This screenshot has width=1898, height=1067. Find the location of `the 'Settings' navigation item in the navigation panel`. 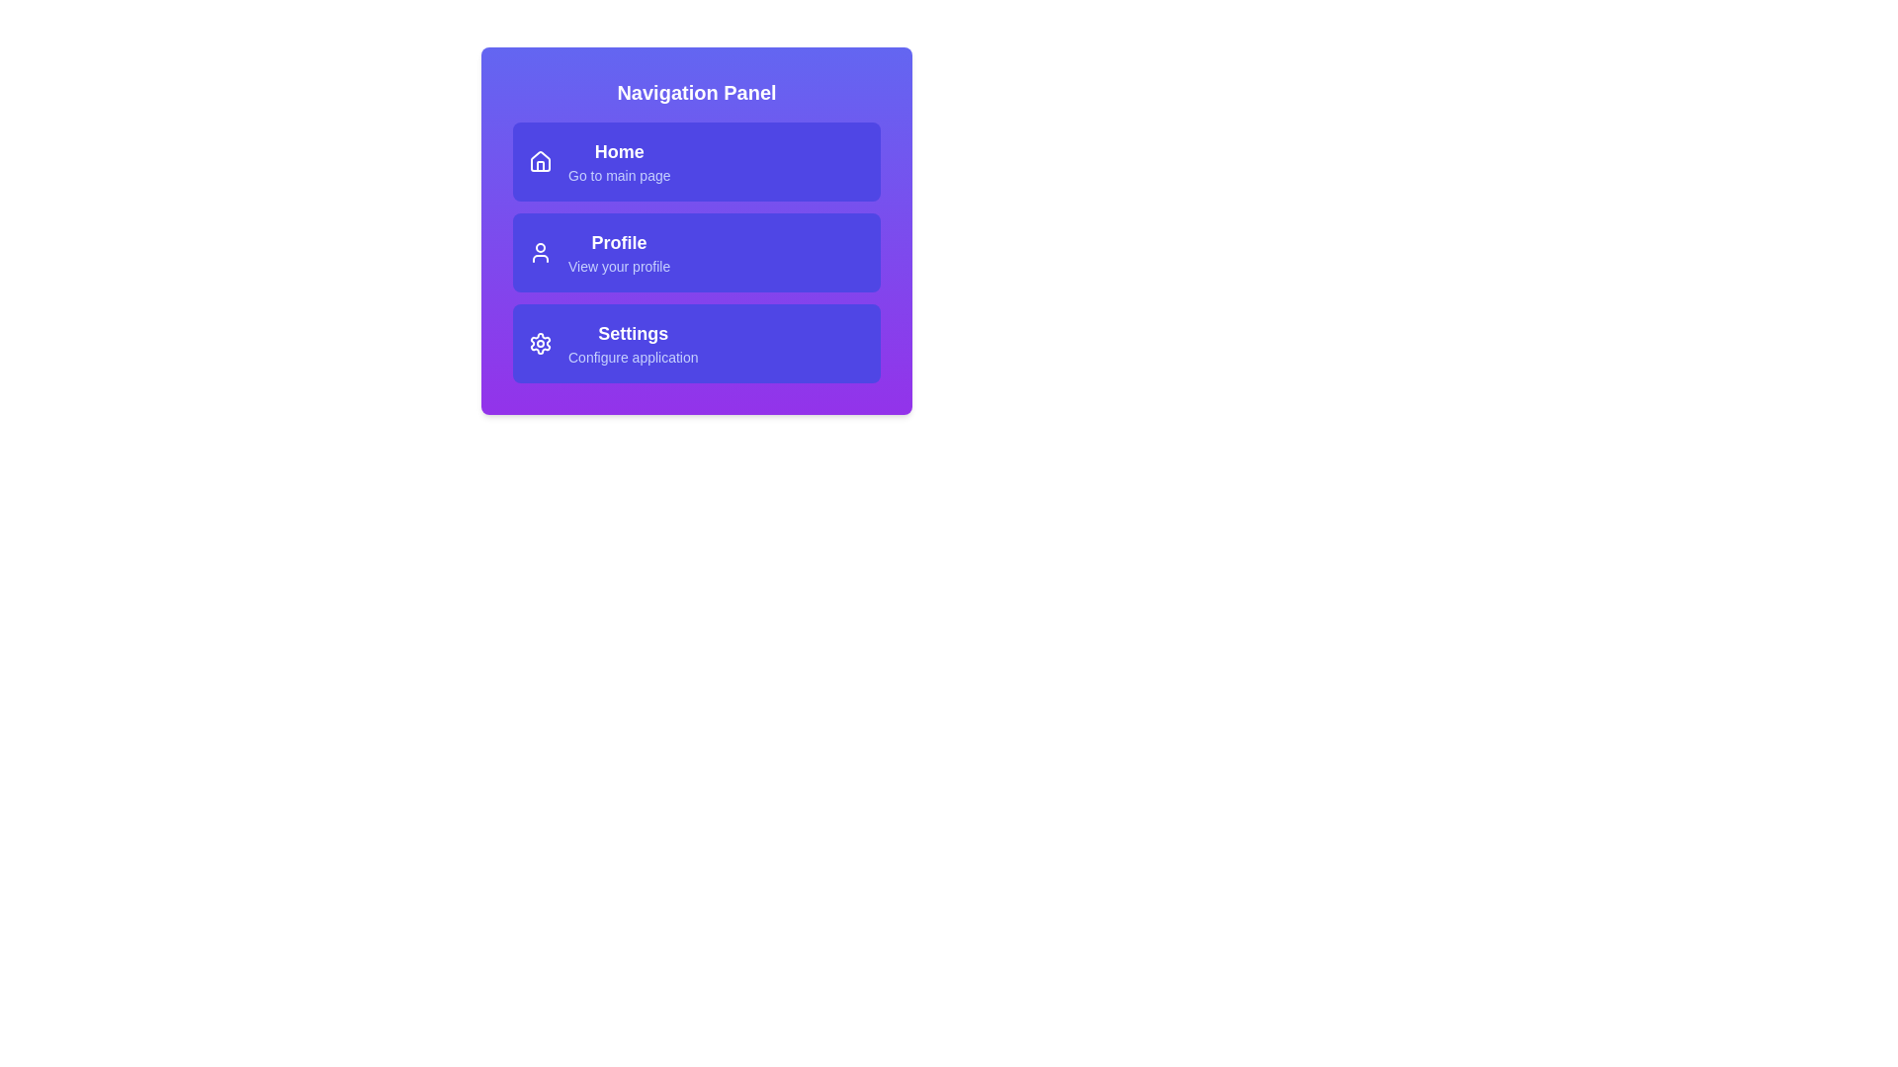

the 'Settings' navigation item in the navigation panel is located at coordinates (697, 342).